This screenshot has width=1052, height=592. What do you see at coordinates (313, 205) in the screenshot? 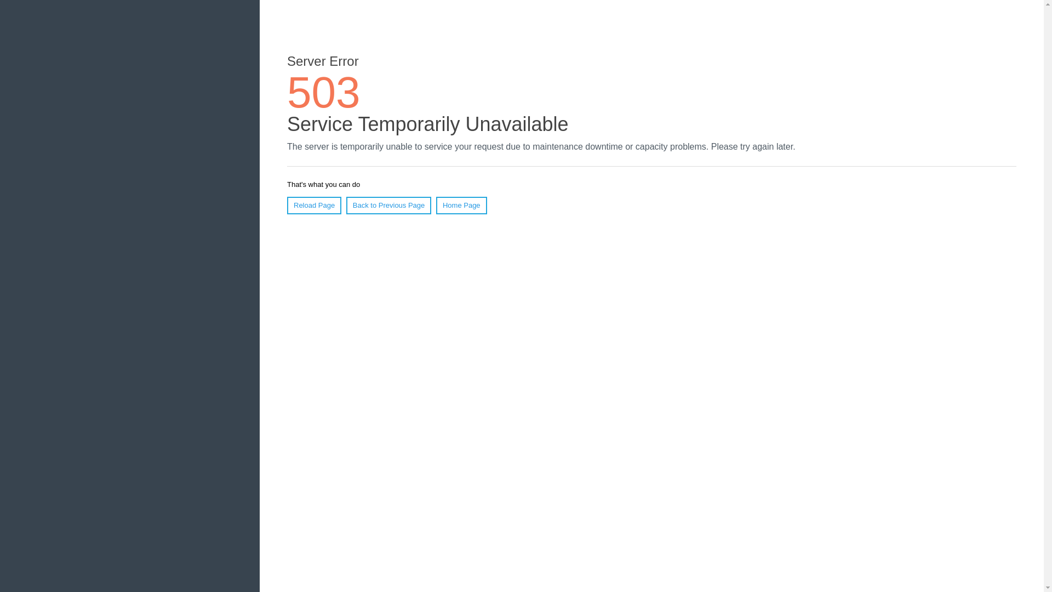
I see `'Reload Page'` at bounding box center [313, 205].